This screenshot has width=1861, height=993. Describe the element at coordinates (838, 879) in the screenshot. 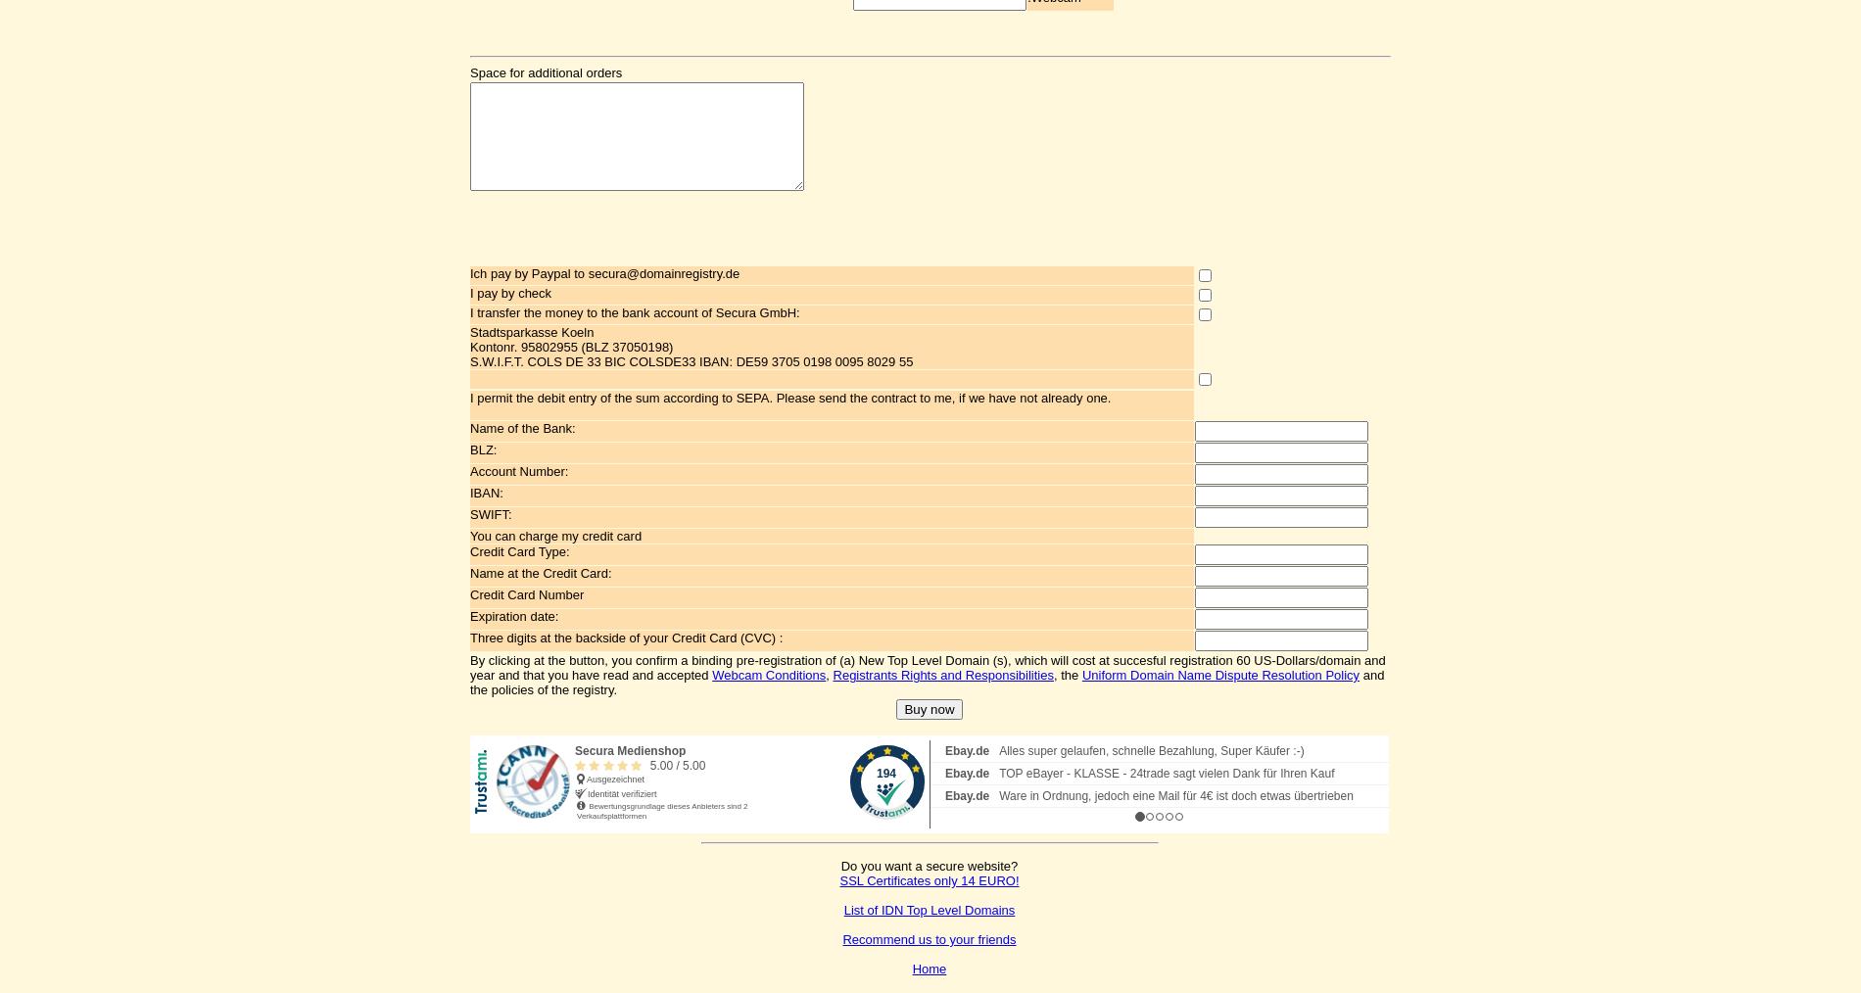

I see `'SSL Certificates only 14 EURO!'` at that location.